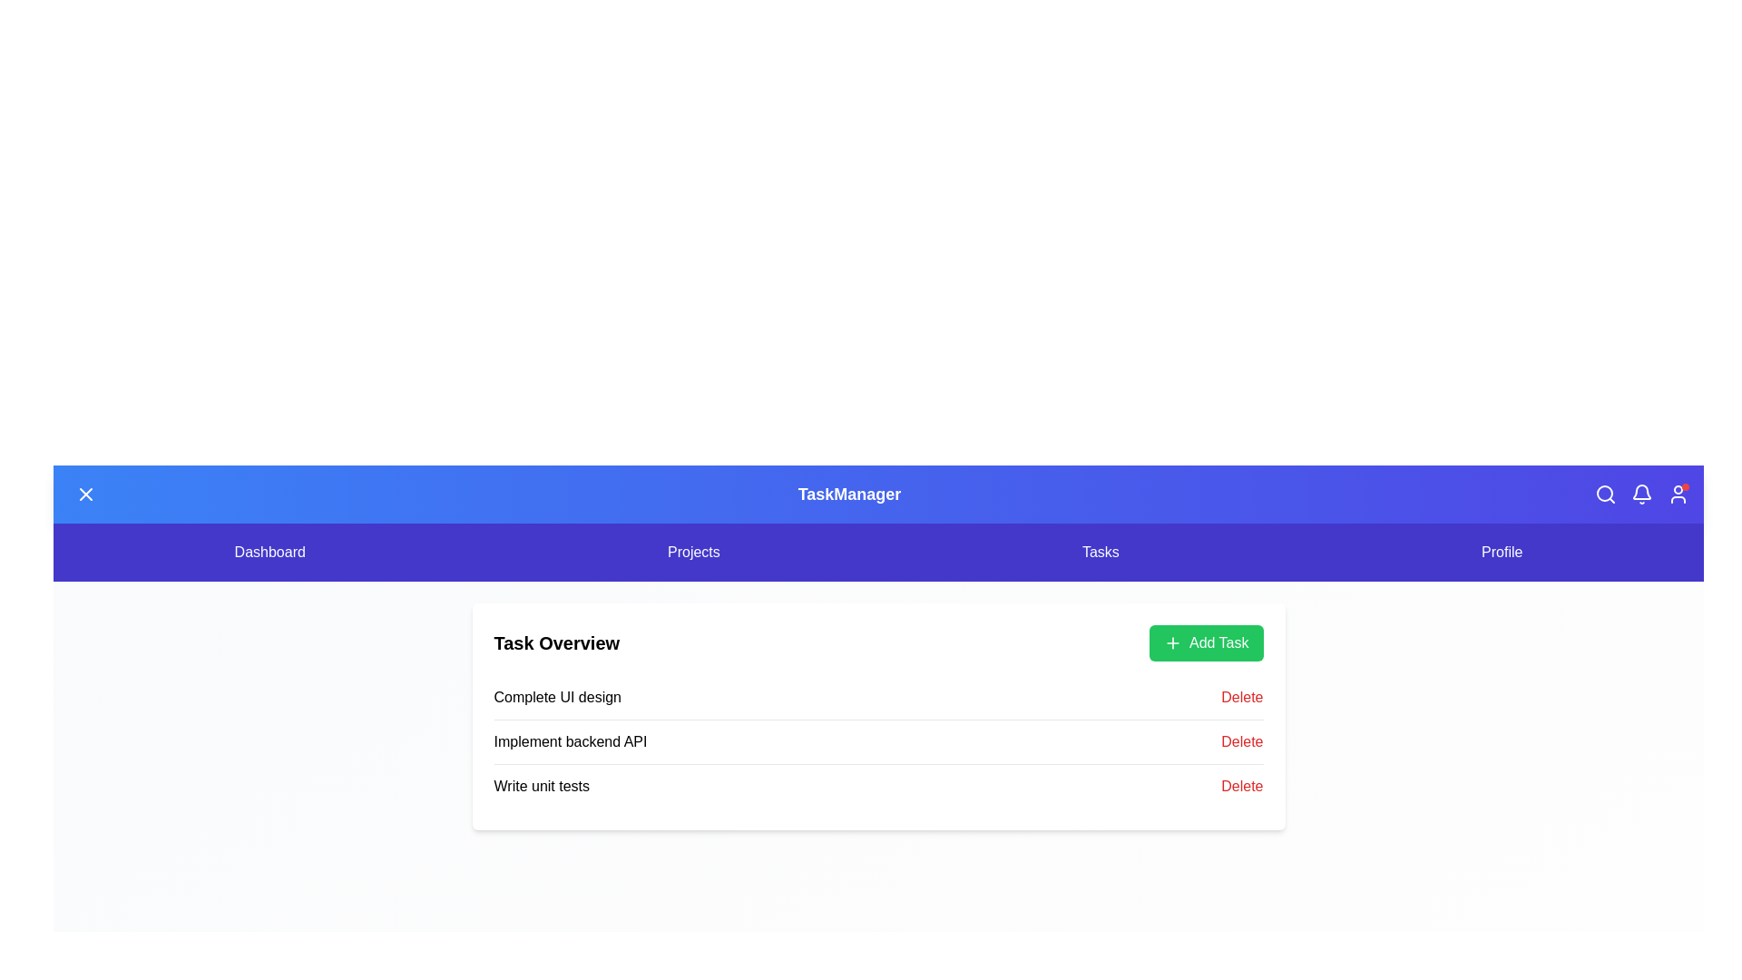  Describe the element at coordinates (691, 552) in the screenshot. I see `the 'Projects' menu item in the navigation bar` at that location.